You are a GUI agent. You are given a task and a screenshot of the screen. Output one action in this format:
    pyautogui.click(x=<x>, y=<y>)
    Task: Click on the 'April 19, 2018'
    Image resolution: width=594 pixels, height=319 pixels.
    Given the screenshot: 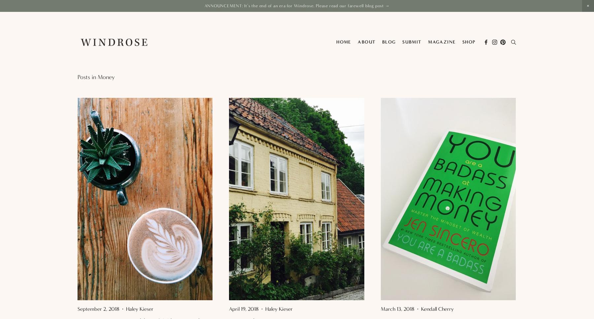 What is the action you would take?
    pyautogui.click(x=244, y=308)
    